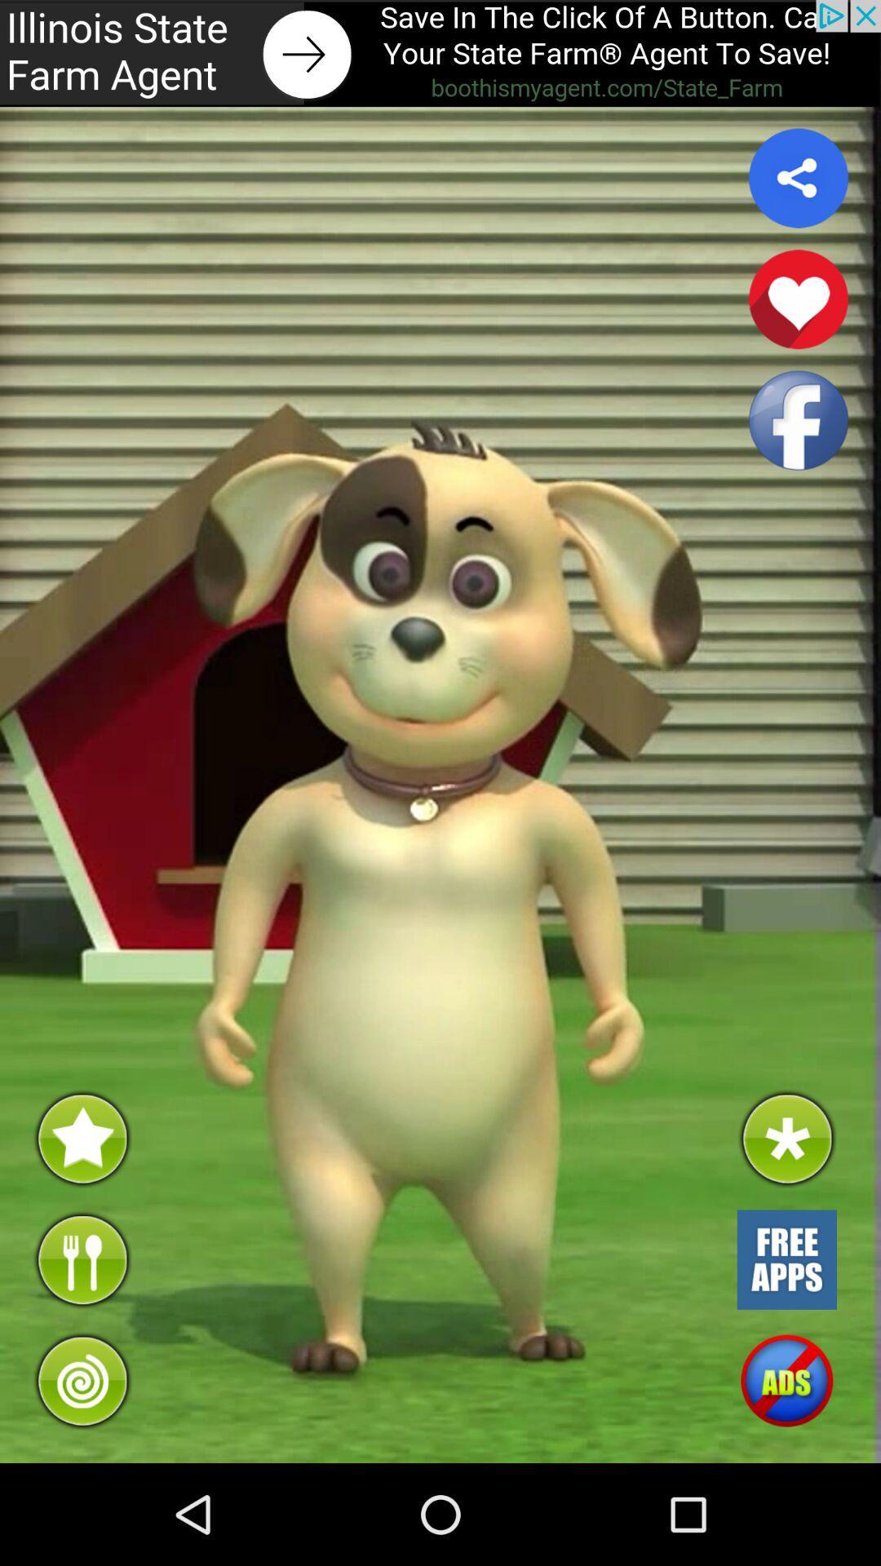  I want to click on the star icon, so click(82, 1219).